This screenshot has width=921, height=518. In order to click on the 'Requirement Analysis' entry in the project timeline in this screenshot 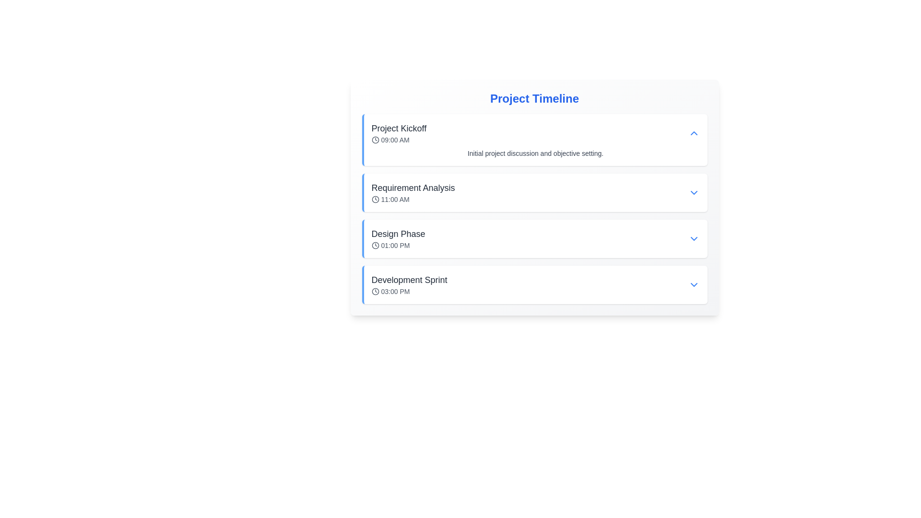, I will do `click(535, 192)`.